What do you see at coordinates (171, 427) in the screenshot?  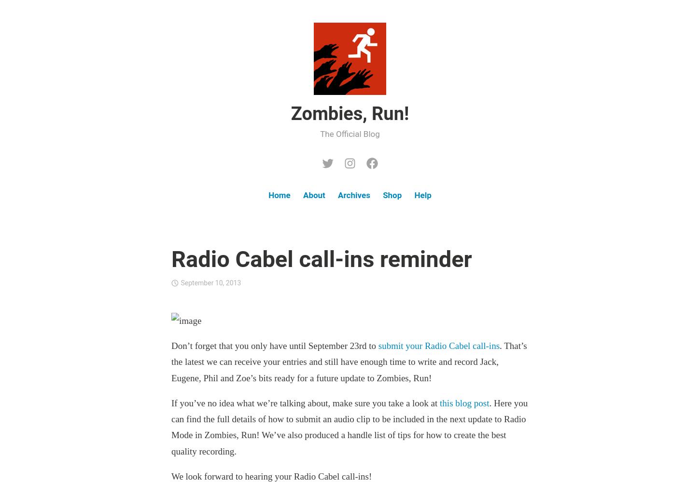 I see `'. Here you can find the full details of how to submit an audio clip to be included in the next update to Radio Mode in Zombies, Run! We’ve also produced a handle list of tips for how to create the best quality recording.'` at bounding box center [171, 427].